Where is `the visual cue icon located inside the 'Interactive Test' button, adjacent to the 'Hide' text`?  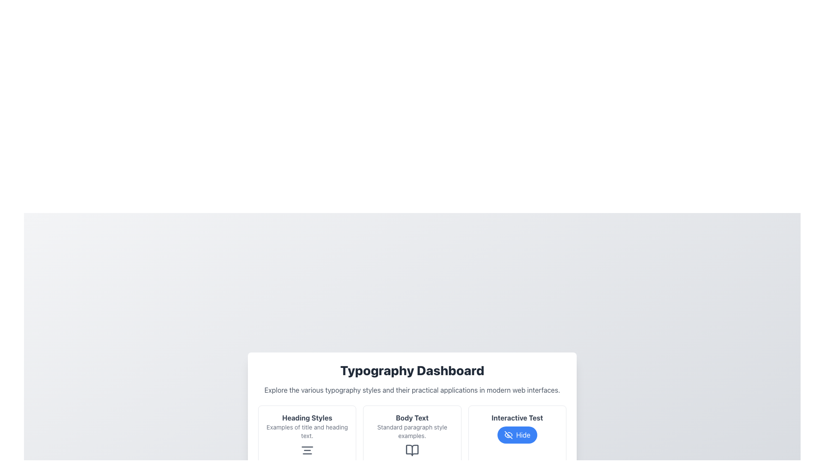
the visual cue icon located inside the 'Interactive Test' button, adjacent to the 'Hide' text is located at coordinates (508, 435).